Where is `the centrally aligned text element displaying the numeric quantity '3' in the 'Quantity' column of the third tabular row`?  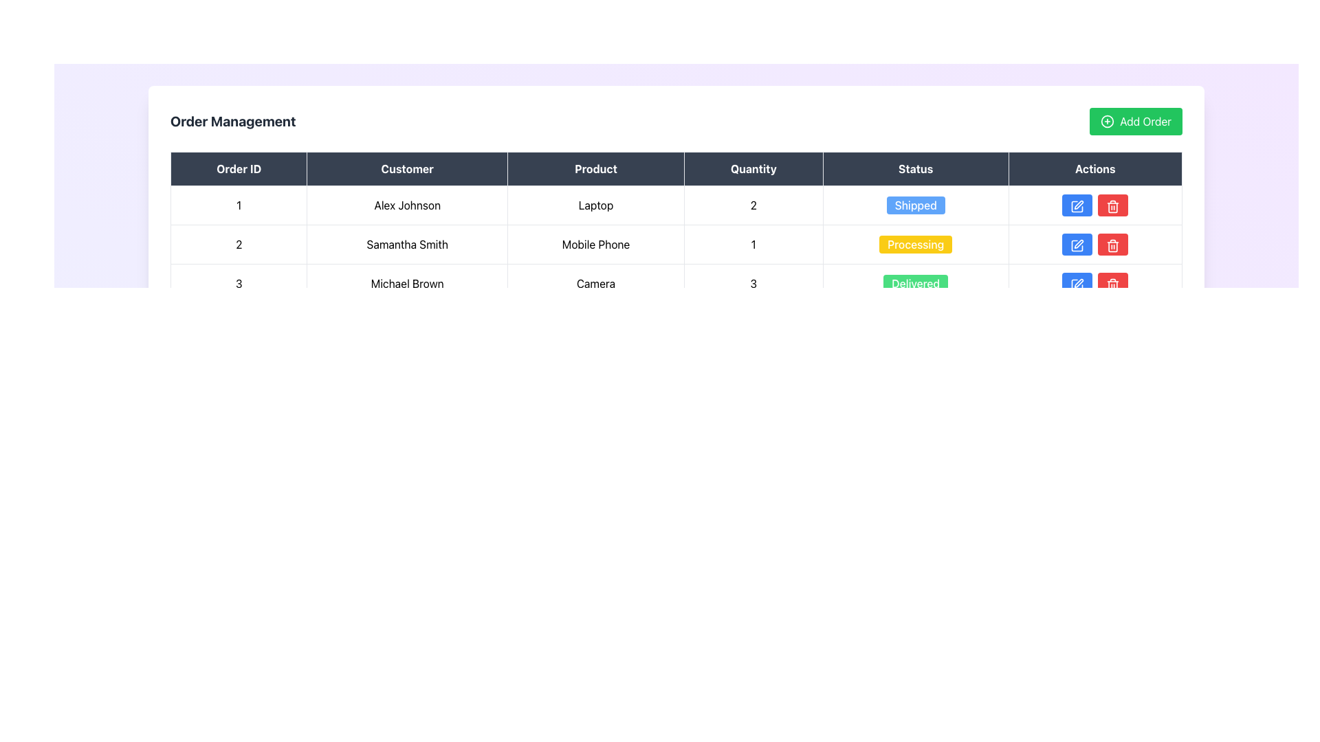
the centrally aligned text element displaying the numeric quantity '3' in the 'Quantity' column of the third tabular row is located at coordinates (753, 282).